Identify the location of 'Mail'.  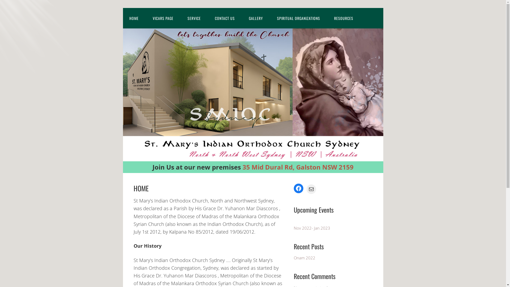
(311, 189).